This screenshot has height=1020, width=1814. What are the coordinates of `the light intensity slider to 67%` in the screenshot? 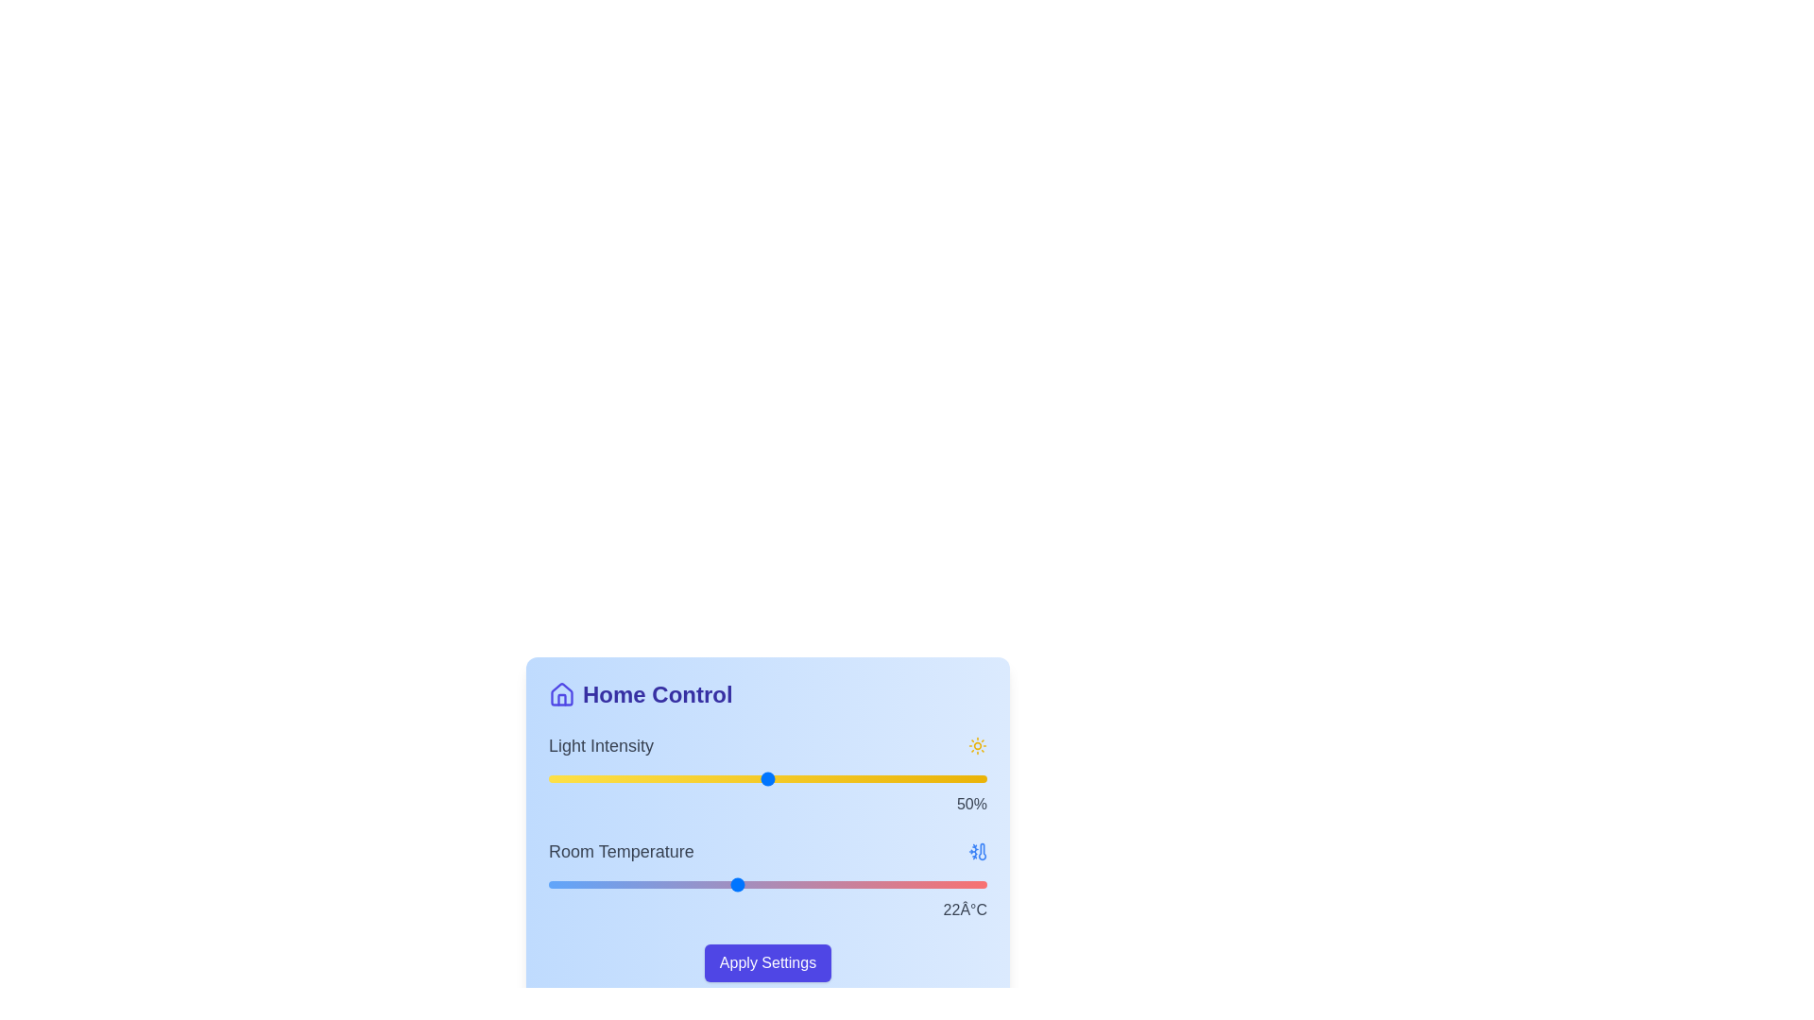 It's located at (841, 779).